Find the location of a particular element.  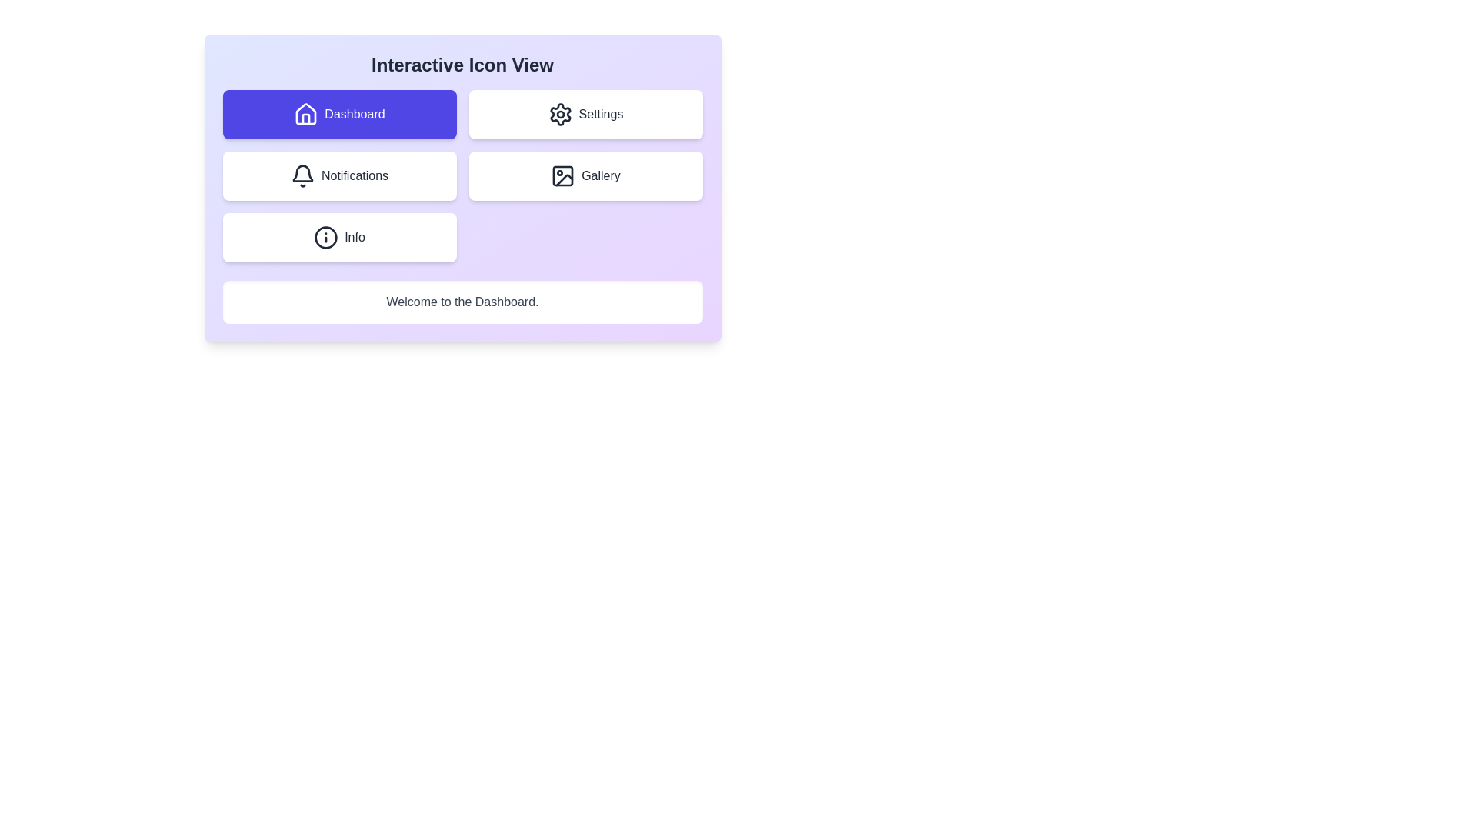

the decorative icon representing the 'Dashboard' feature located within the top-left button labeled 'Dashboard' is located at coordinates (306, 113).